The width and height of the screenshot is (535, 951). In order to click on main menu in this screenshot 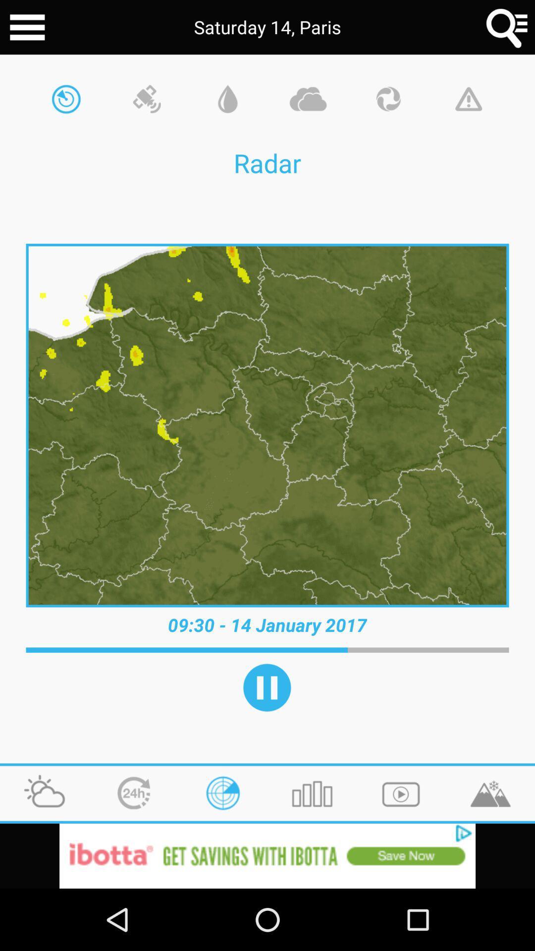, I will do `click(27, 27)`.